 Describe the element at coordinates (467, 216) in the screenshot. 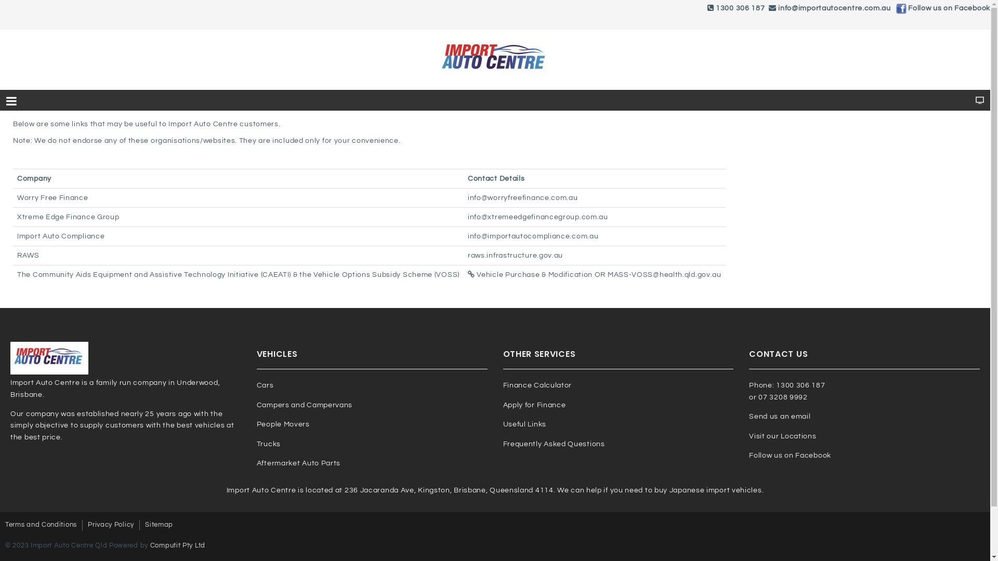

I see `'info@xtremeedgefinancegroup.com.au'` at that location.